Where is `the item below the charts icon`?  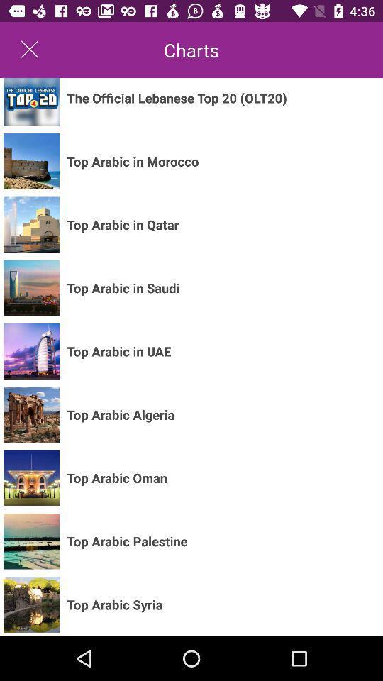 the item below the charts icon is located at coordinates (177, 97).